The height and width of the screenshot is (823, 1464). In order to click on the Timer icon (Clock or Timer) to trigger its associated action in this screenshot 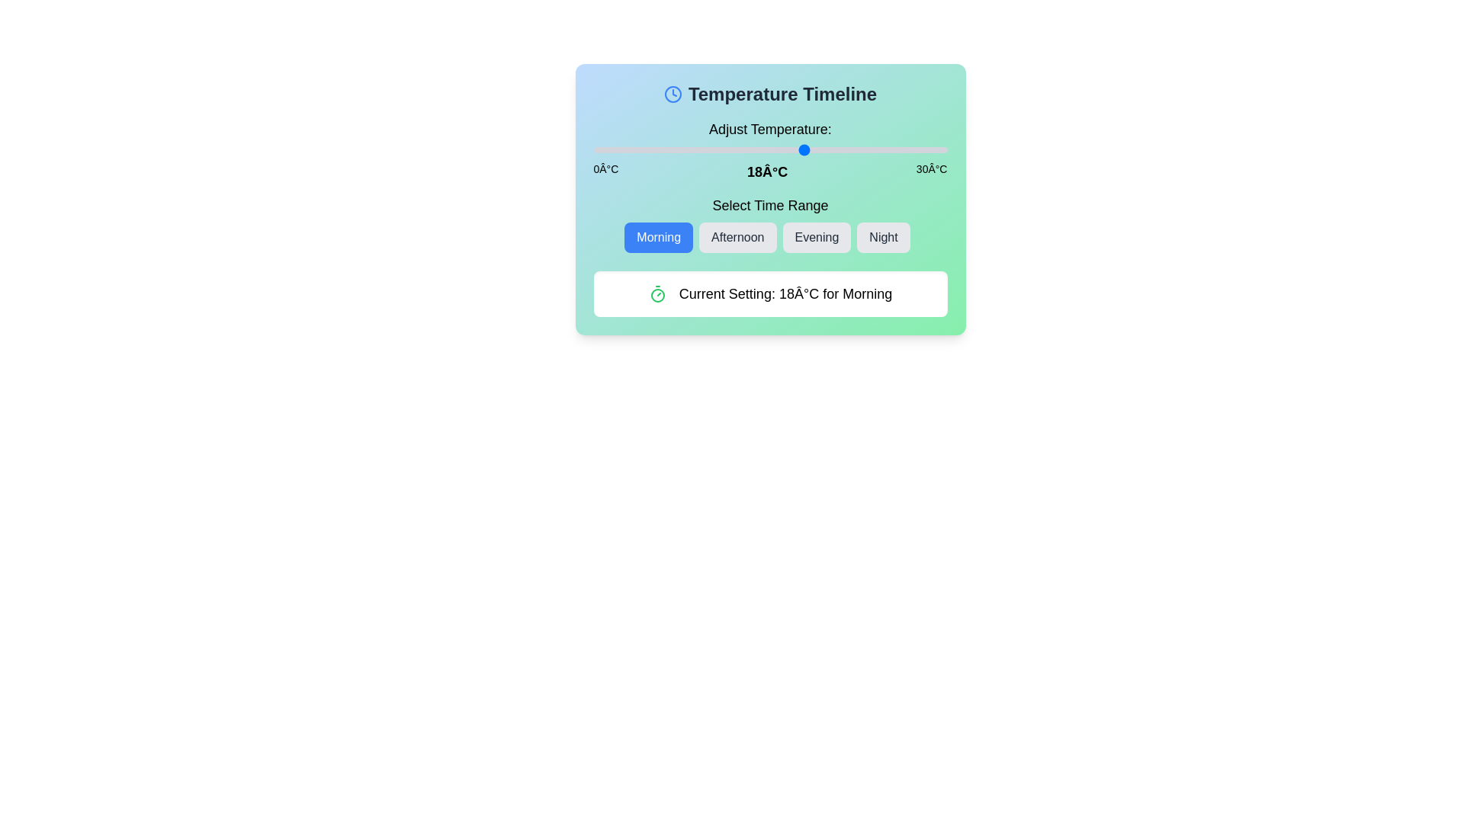, I will do `click(657, 293)`.